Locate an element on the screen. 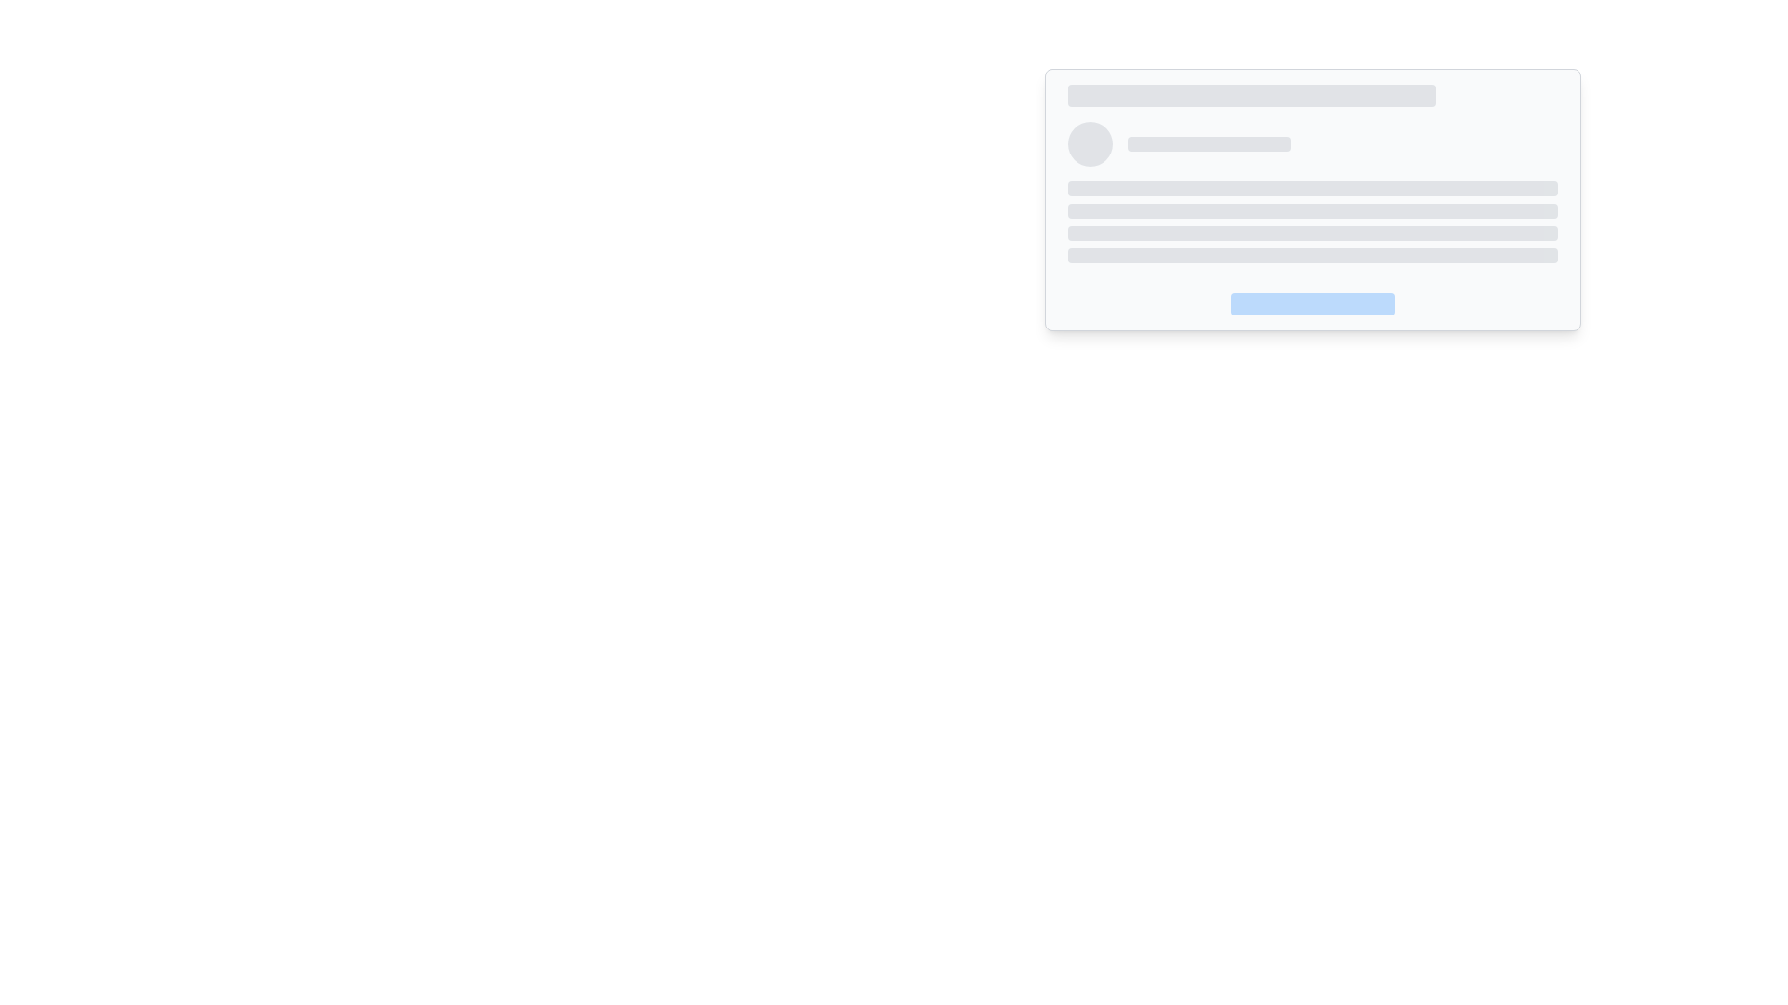 The image size is (1788, 1005). the loading animation bar, which is the fourth element in a group of horizontal bars located at the bottom of a vertically stacked arrangement in the middle-right region of the interface is located at coordinates (1312, 255).